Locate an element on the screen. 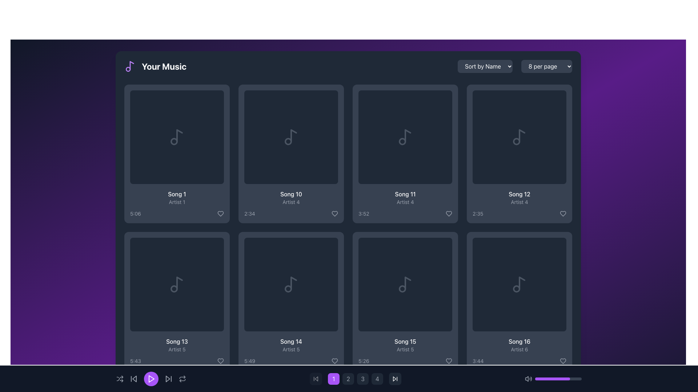 This screenshot has height=392, width=698. the text label displaying the time '5:43' which is positioned at the bottom-left of the card for 'Song 13' and 'Artist 5', aligned with the card's lower boundary is located at coordinates (136, 361).